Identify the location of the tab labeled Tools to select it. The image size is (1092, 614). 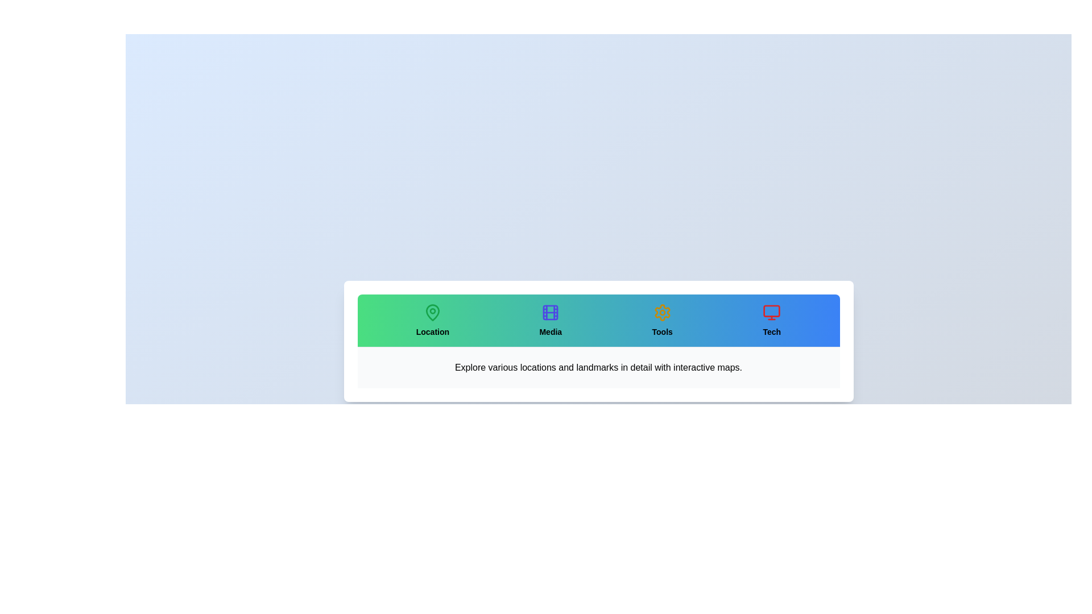
(662, 320).